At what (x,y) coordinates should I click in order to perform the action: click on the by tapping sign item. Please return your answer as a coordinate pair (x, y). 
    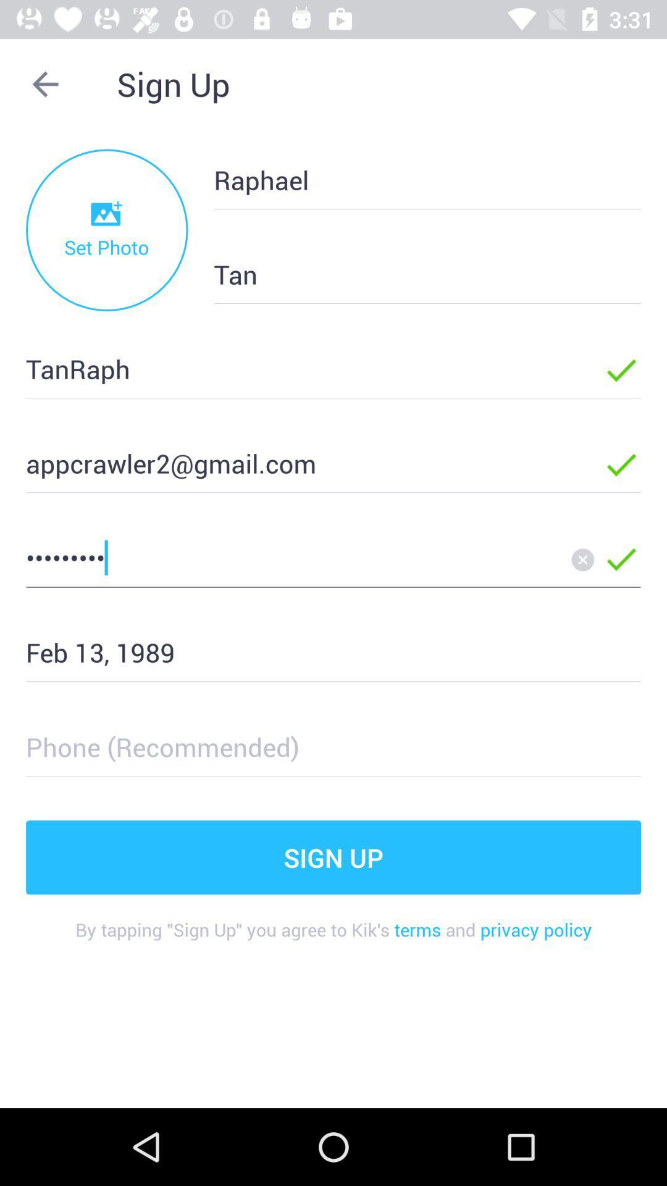
    Looking at the image, I should click on (333, 939).